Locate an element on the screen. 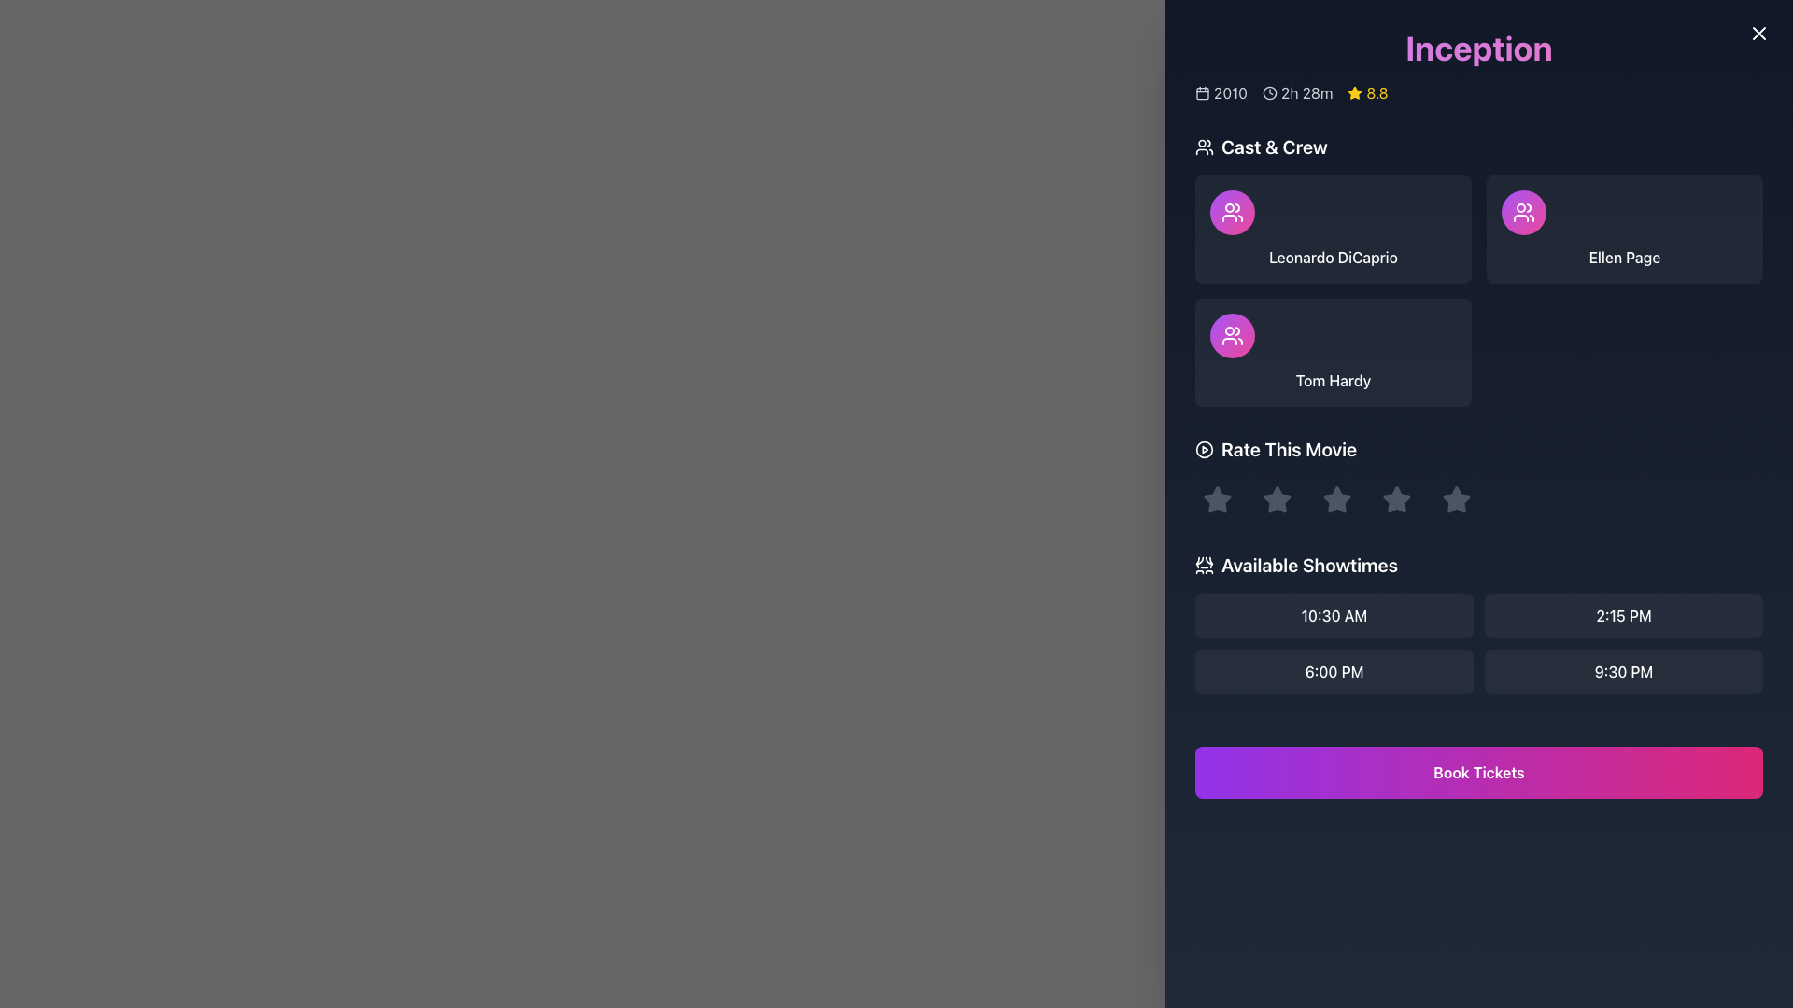  the fourth star icon in the rating system under the 'Rate This Movie' label is located at coordinates (1397, 498).